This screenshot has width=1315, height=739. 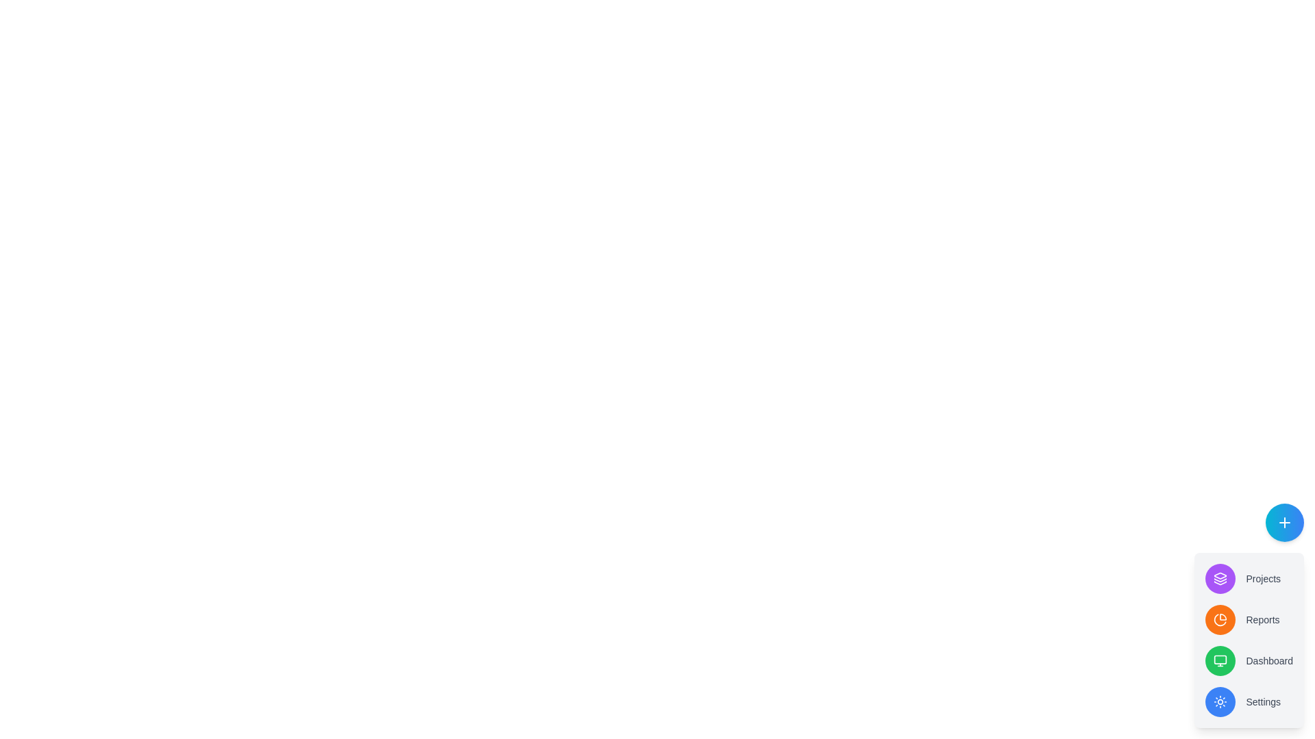 What do you see at coordinates (1220, 620) in the screenshot?
I see `the bright orange circular button with a white pie chart icon` at bounding box center [1220, 620].